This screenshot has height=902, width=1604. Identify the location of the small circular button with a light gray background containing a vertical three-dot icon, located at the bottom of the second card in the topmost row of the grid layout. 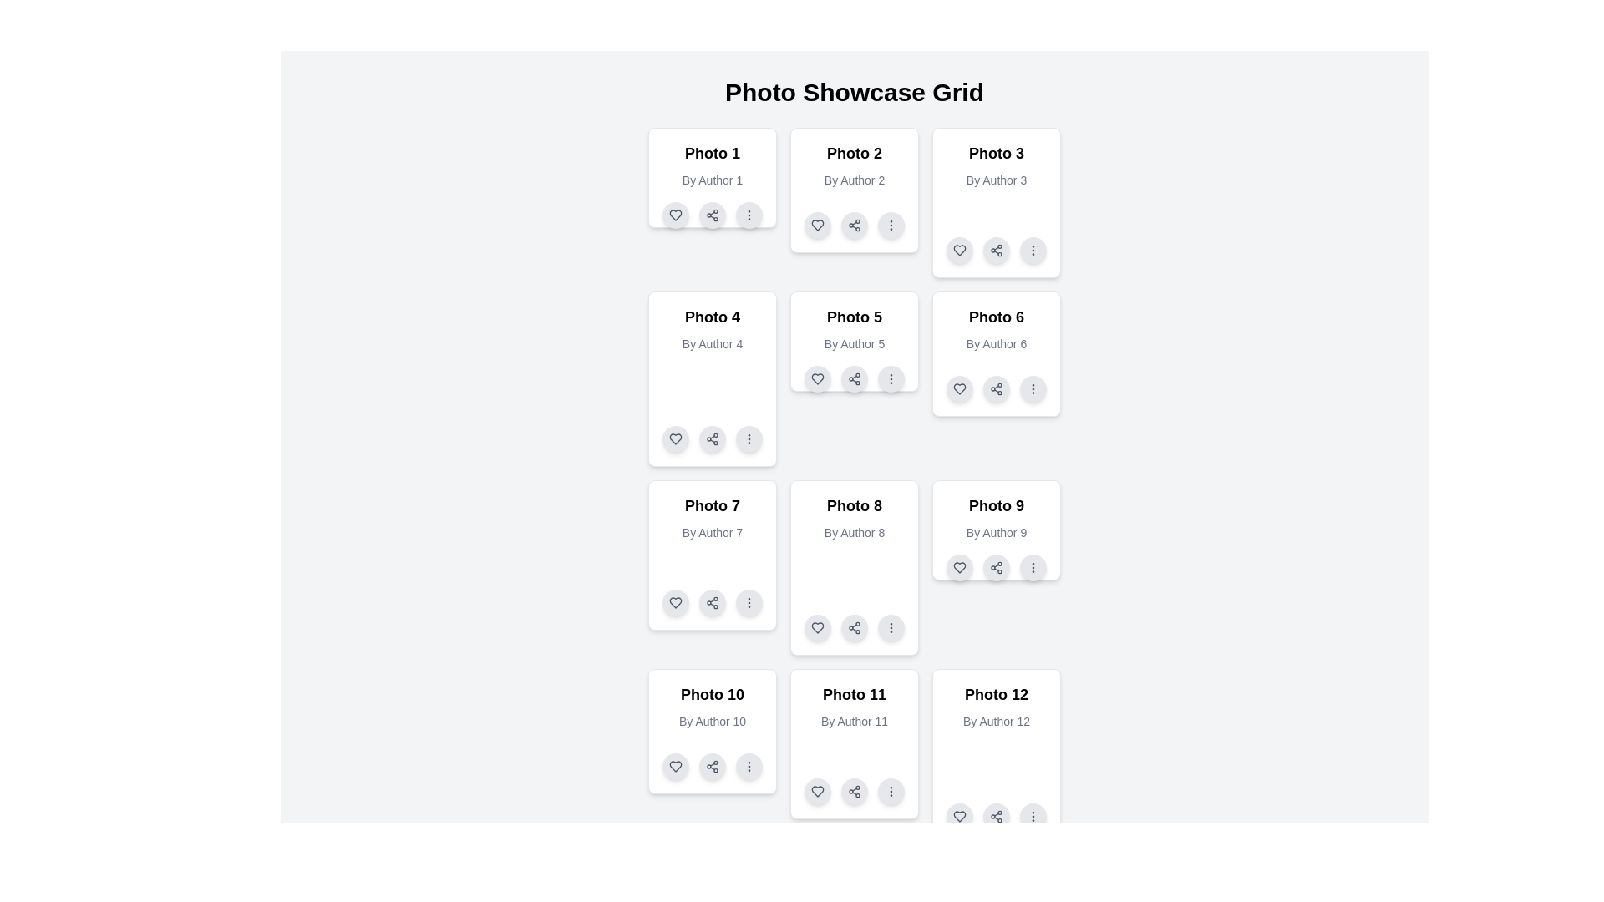
(890, 225).